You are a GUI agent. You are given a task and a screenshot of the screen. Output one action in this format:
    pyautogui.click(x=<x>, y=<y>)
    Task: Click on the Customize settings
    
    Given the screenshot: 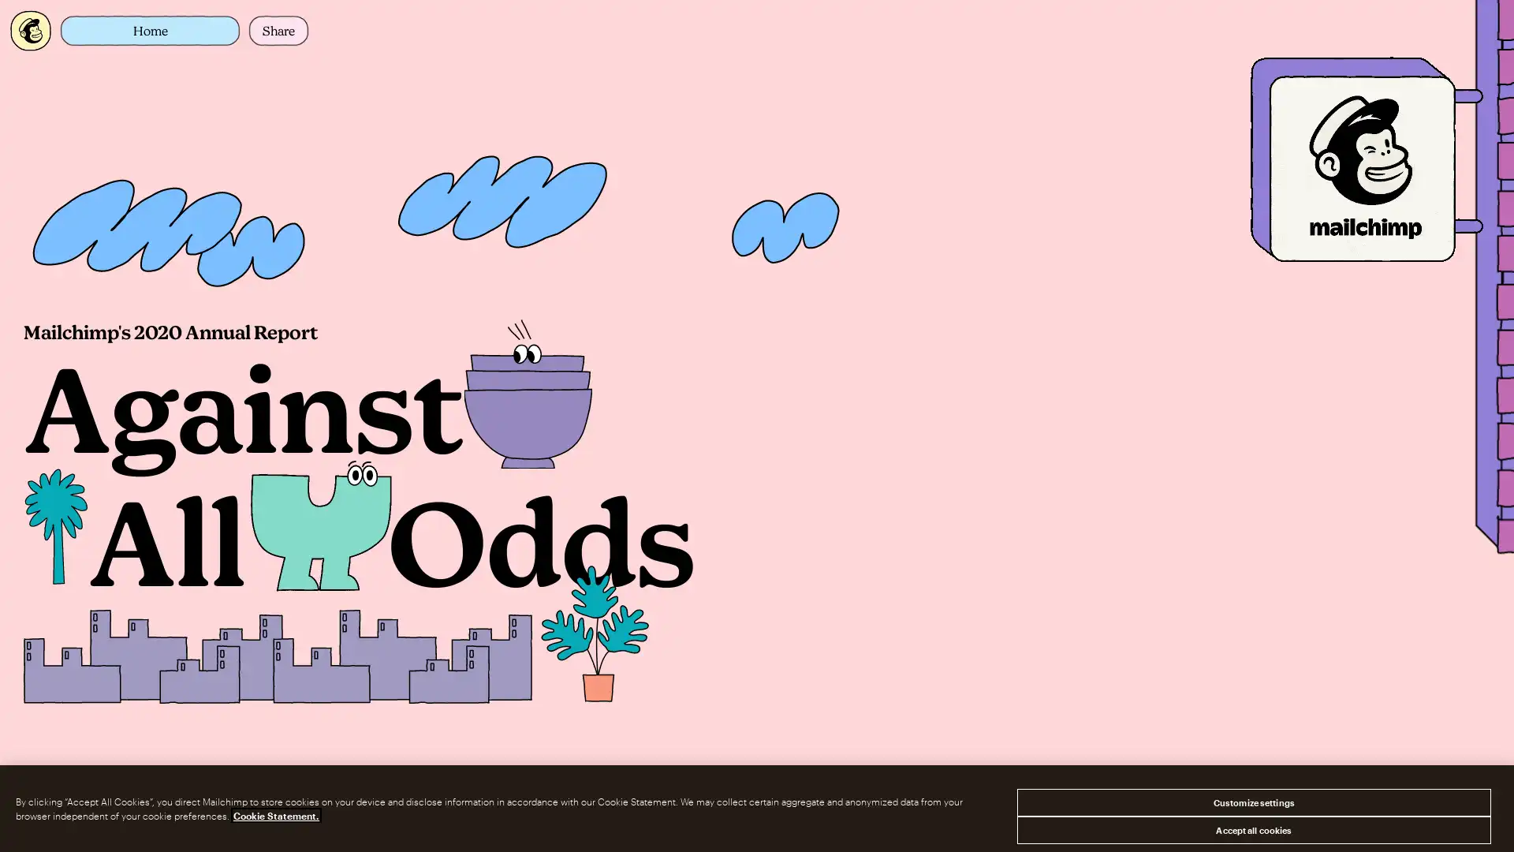 What is the action you would take?
    pyautogui.click(x=1252, y=802)
    